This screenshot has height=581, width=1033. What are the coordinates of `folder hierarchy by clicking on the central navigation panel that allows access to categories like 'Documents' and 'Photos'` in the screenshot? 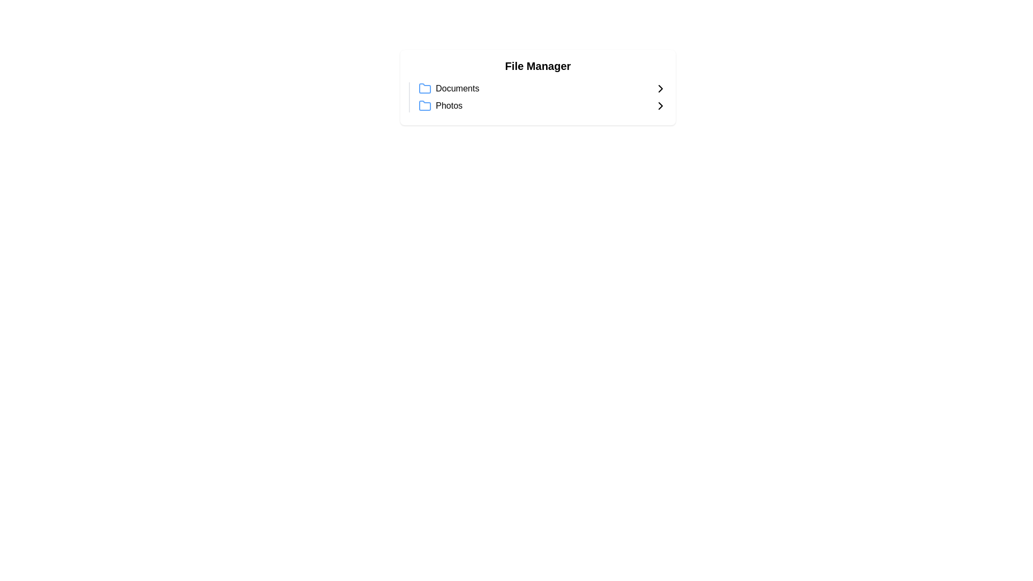 It's located at (537, 87).